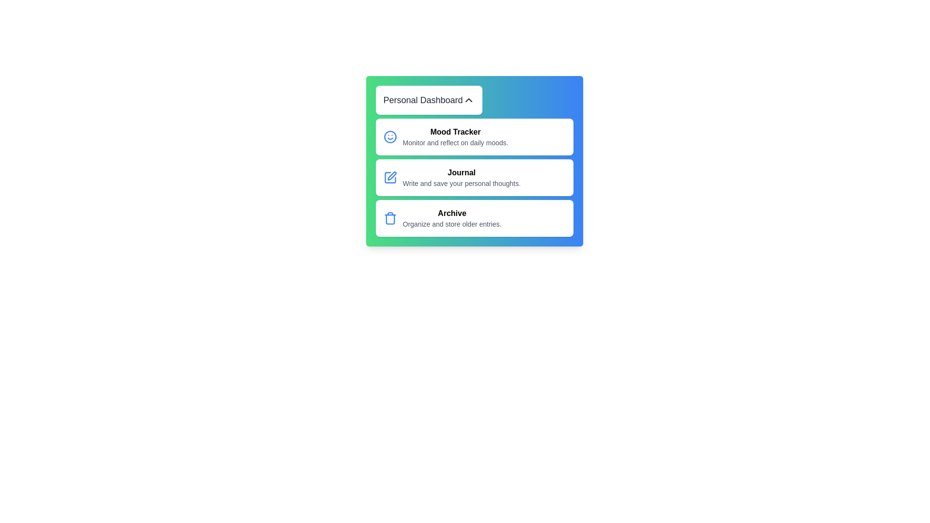 Image resolution: width=930 pixels, height=523 pixels. Describe the element at coordinates (474, 177) in the screenshot. I see `the menu item Journal from the list` at that location.